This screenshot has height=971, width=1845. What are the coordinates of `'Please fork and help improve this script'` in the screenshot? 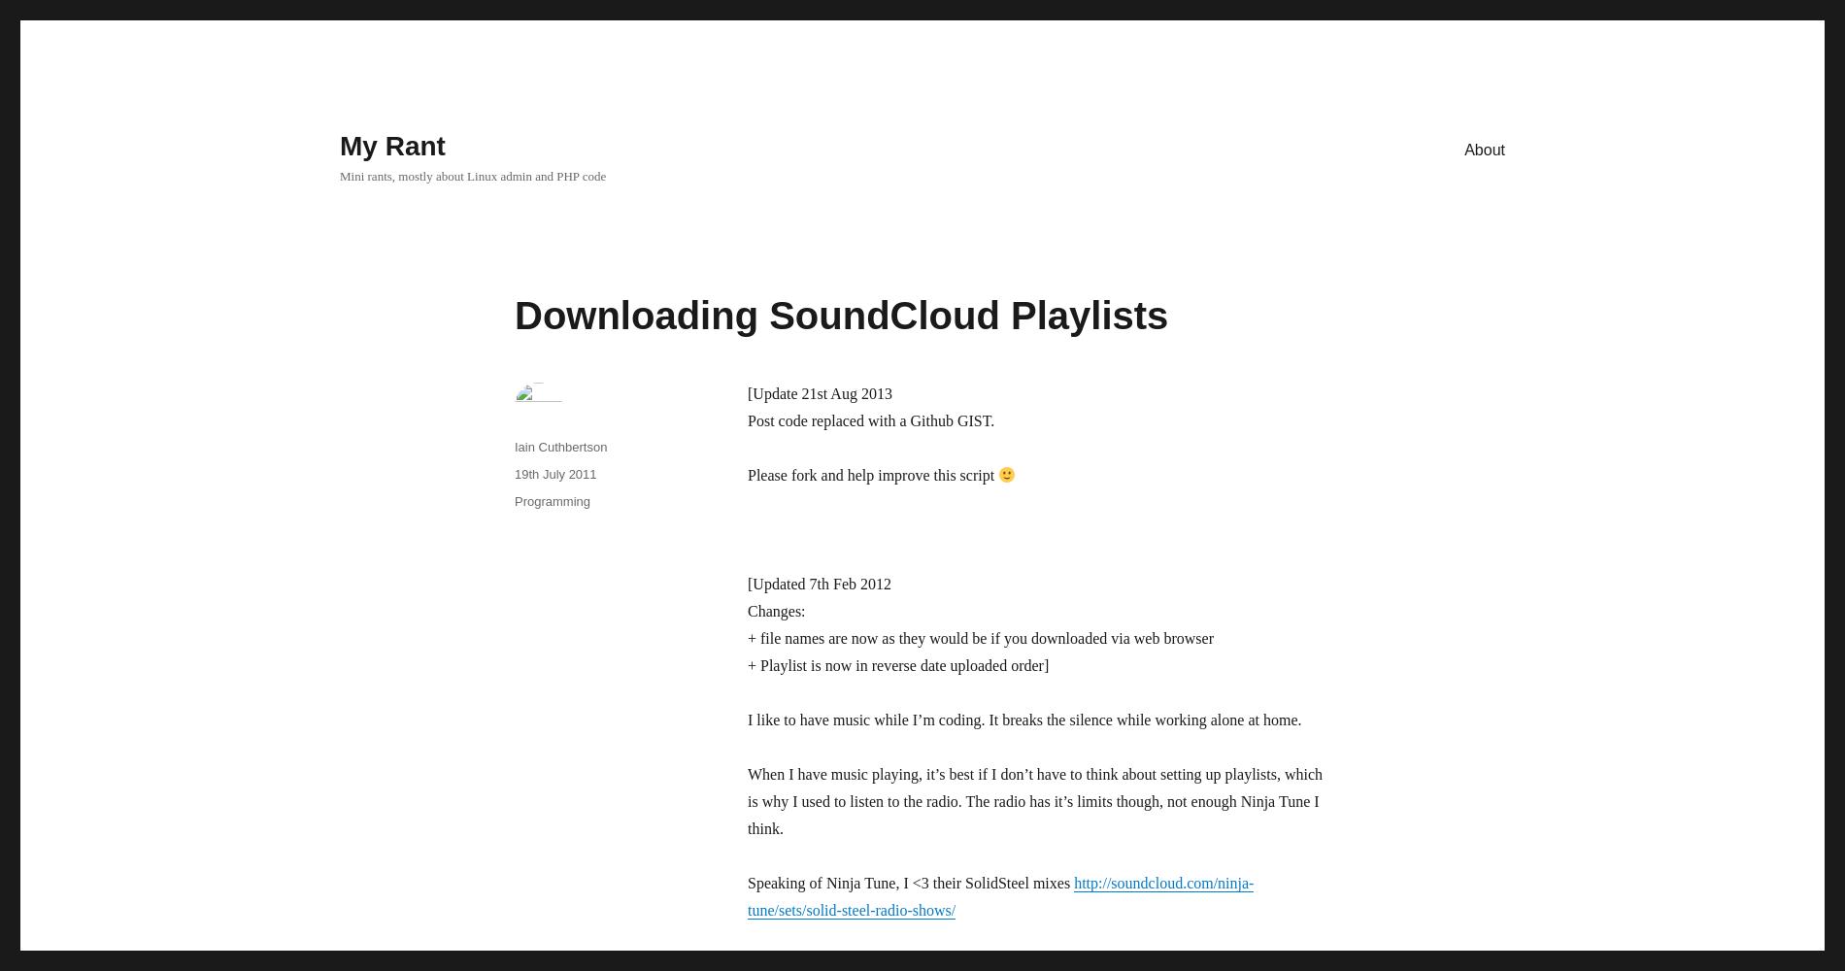 It's located at (872, 474).